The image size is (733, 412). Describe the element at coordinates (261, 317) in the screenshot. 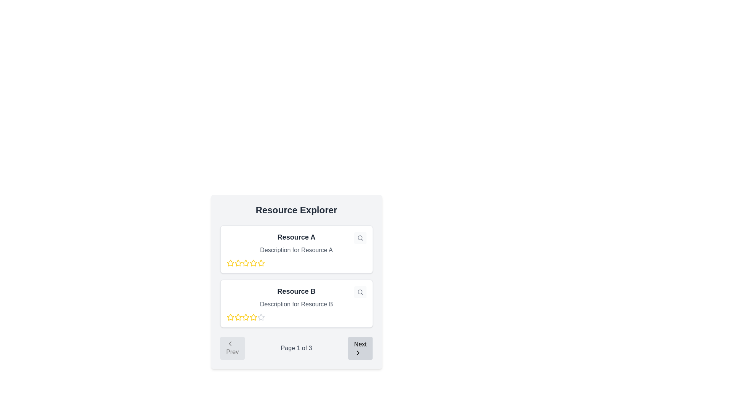

I see `the fourth star icon representing the fourth rating level for 'Resource B'` at that location.